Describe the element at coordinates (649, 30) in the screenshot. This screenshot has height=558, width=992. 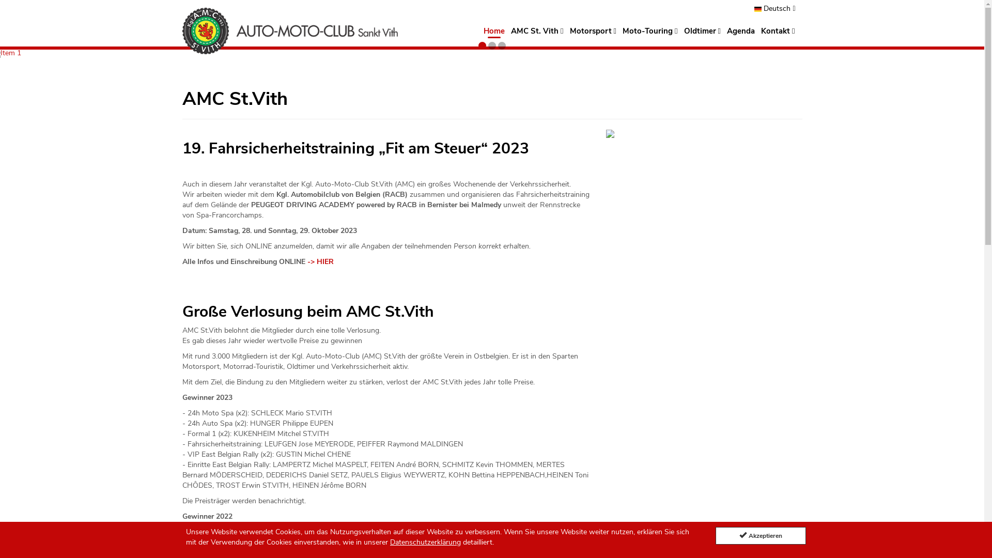
I see `'Moto-Touring'` at that location.